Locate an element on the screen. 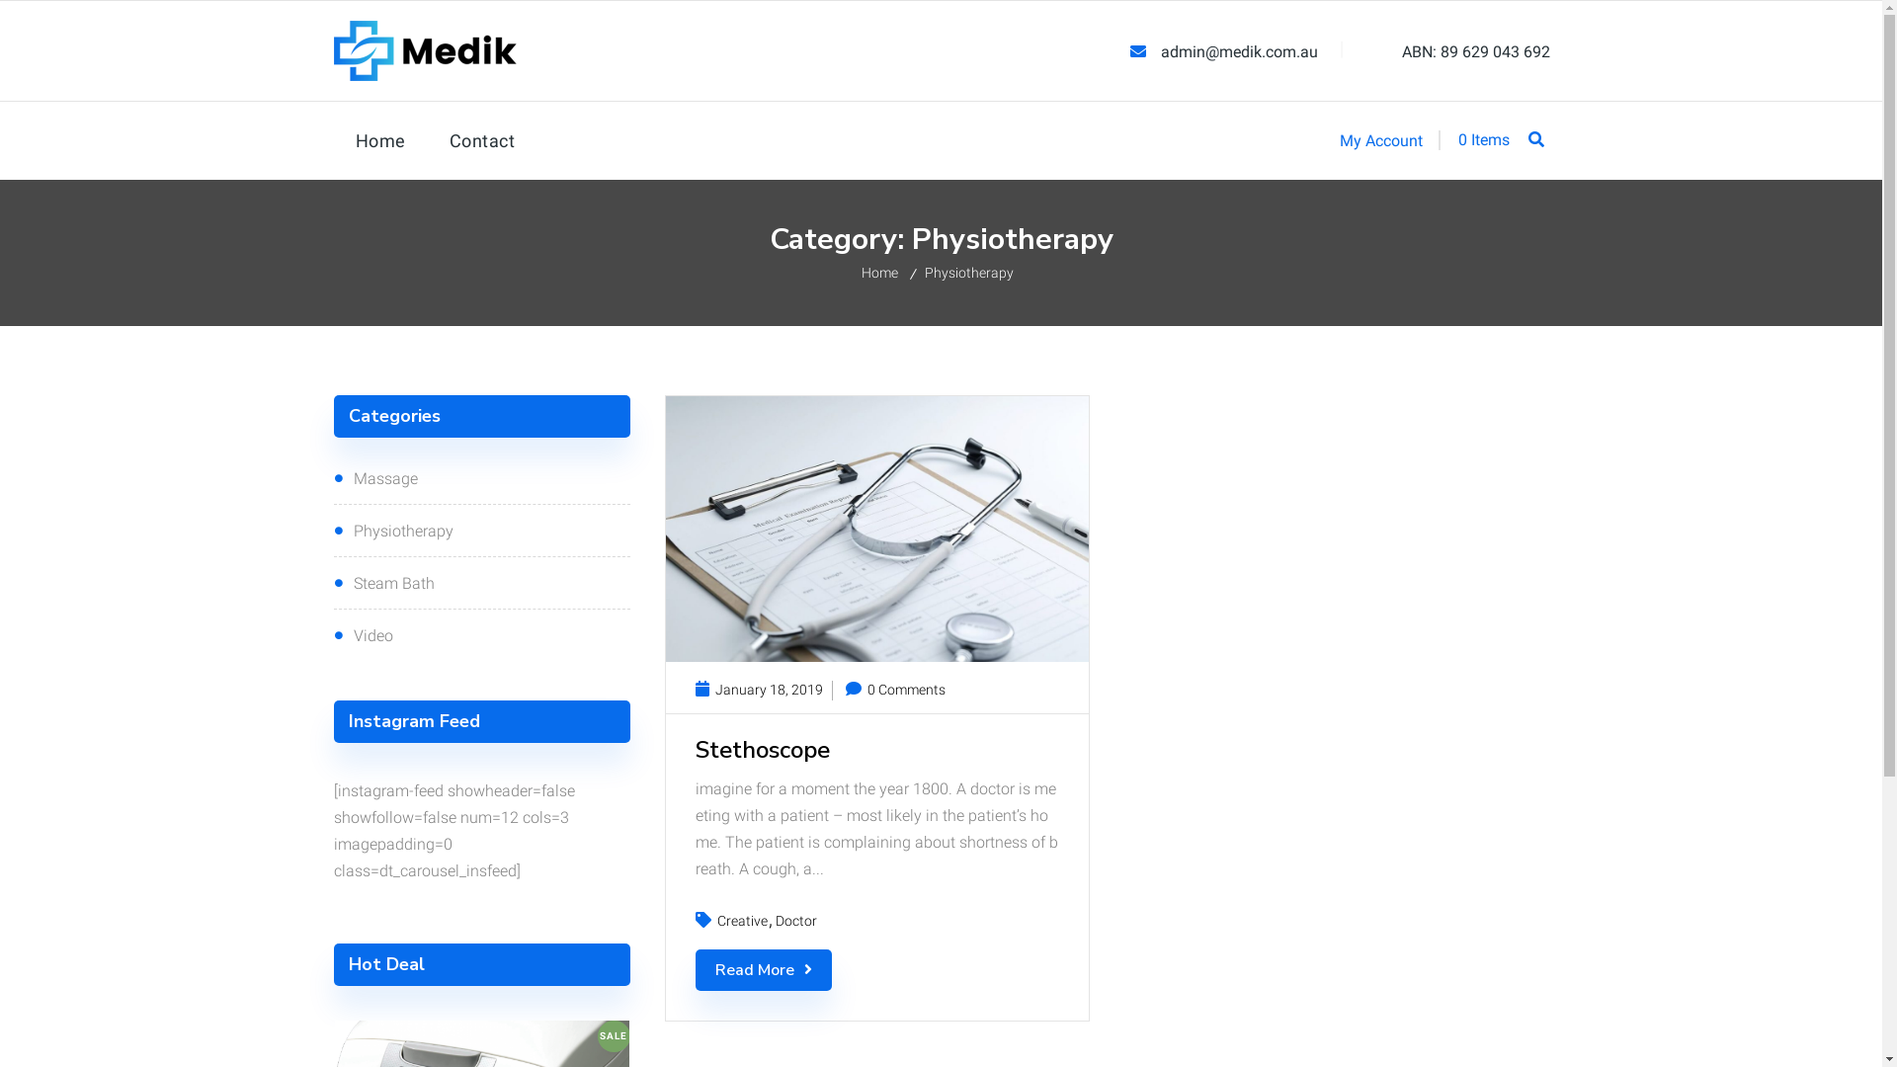 This screenshot has width=1897, height=1067. 'Doctor' is located at coordinates (795, 921).